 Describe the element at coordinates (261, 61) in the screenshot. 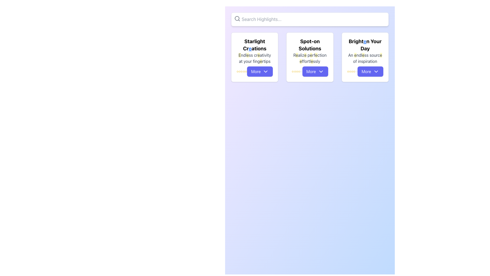

I see `the highlighted character 'e' in the sentence 'Endless creativity at your fingertips' located under the heading 'Starlight Creations' on the leftmost card` at that location.